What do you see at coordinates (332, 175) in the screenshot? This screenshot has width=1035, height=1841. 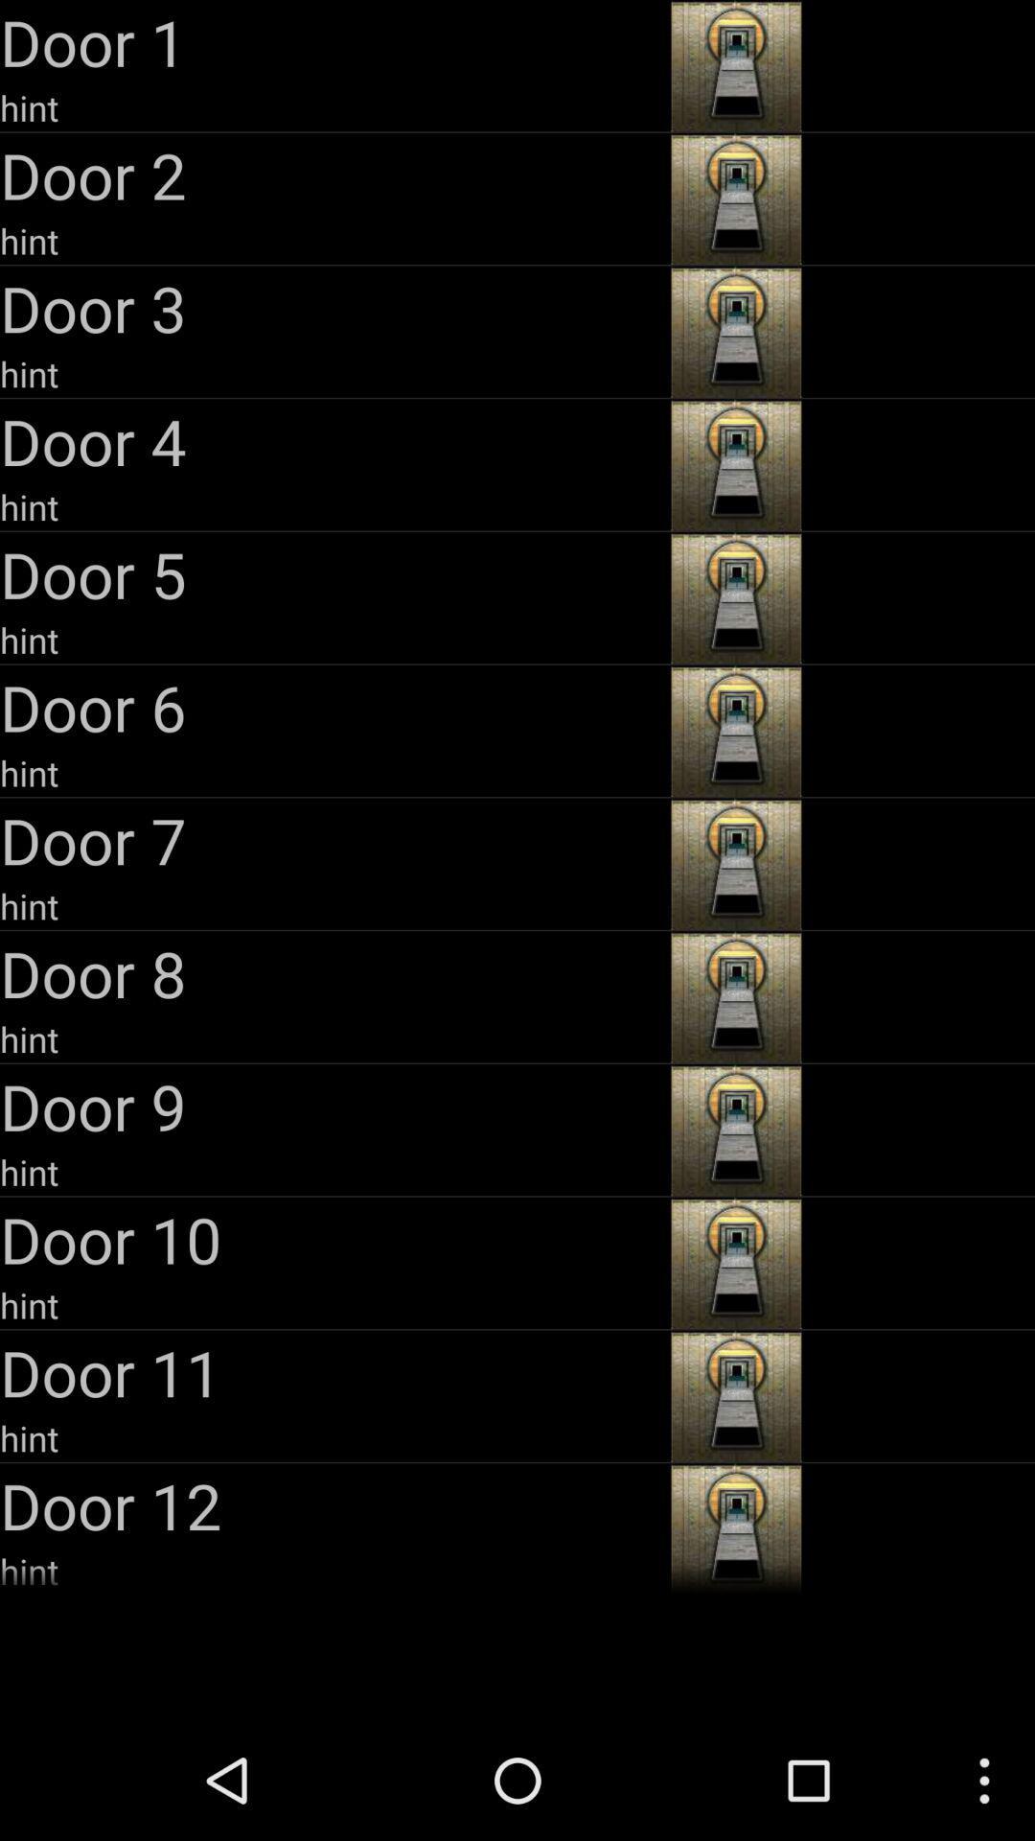 I see `door 2` at bounding box center [332, 175].